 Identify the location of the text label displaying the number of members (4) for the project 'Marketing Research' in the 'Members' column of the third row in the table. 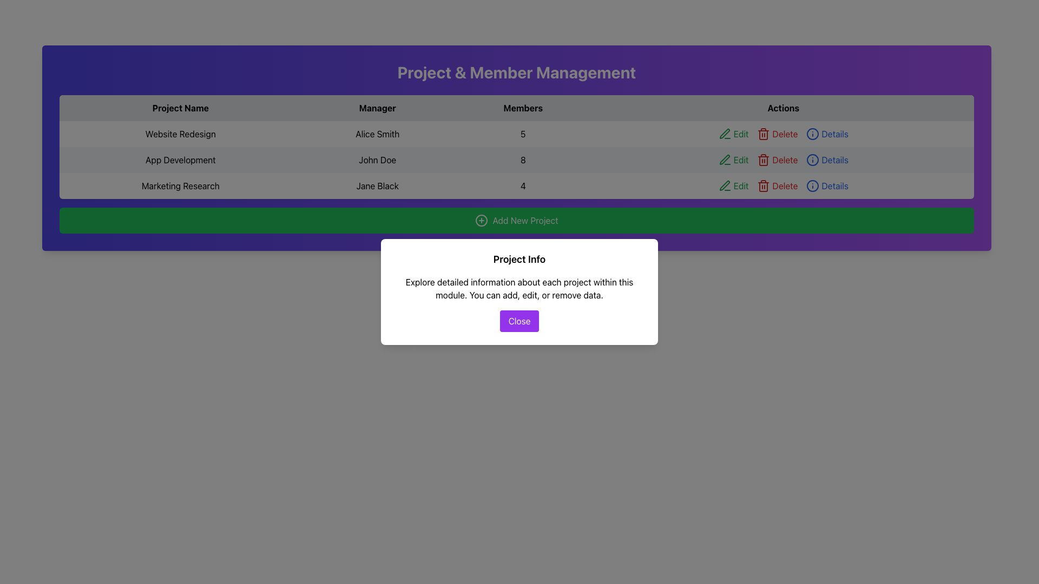
(523, 185).